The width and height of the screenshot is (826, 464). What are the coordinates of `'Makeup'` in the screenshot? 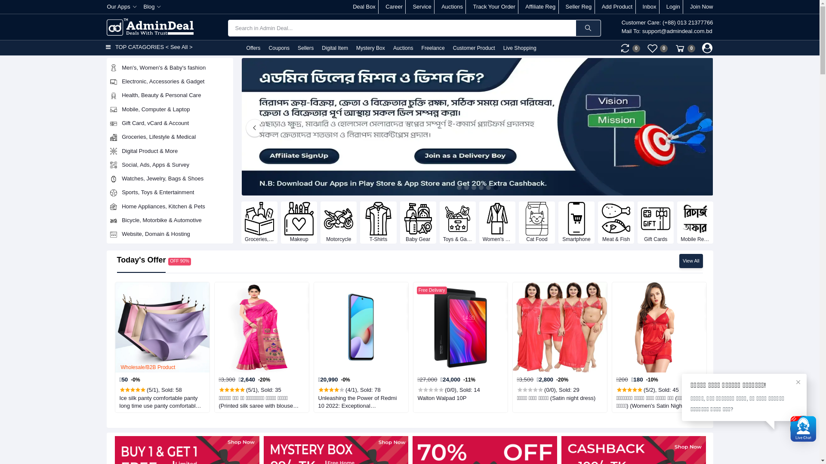 It's located at (299, 222).